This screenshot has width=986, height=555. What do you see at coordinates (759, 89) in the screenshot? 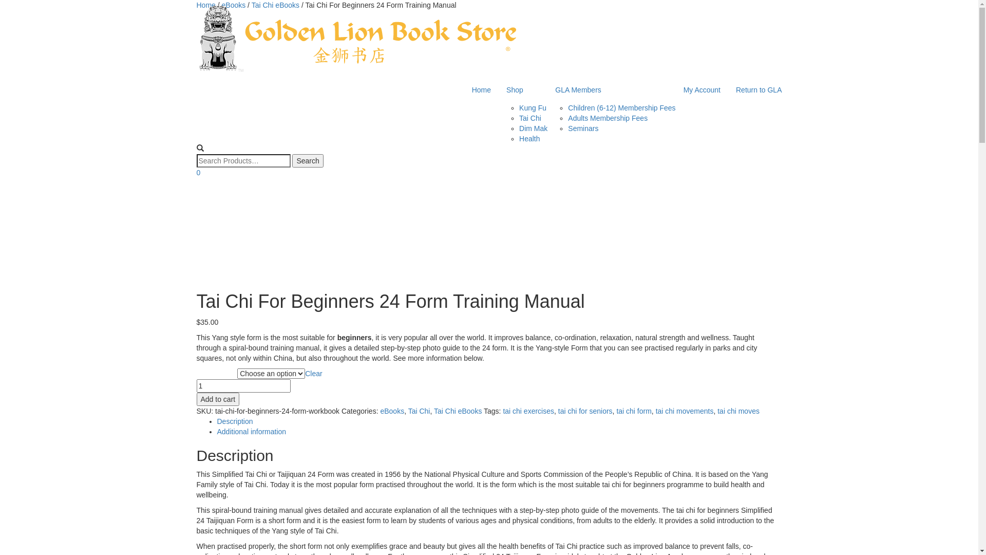
I see `'Return to GLA'` at bounding box center [759, 89].